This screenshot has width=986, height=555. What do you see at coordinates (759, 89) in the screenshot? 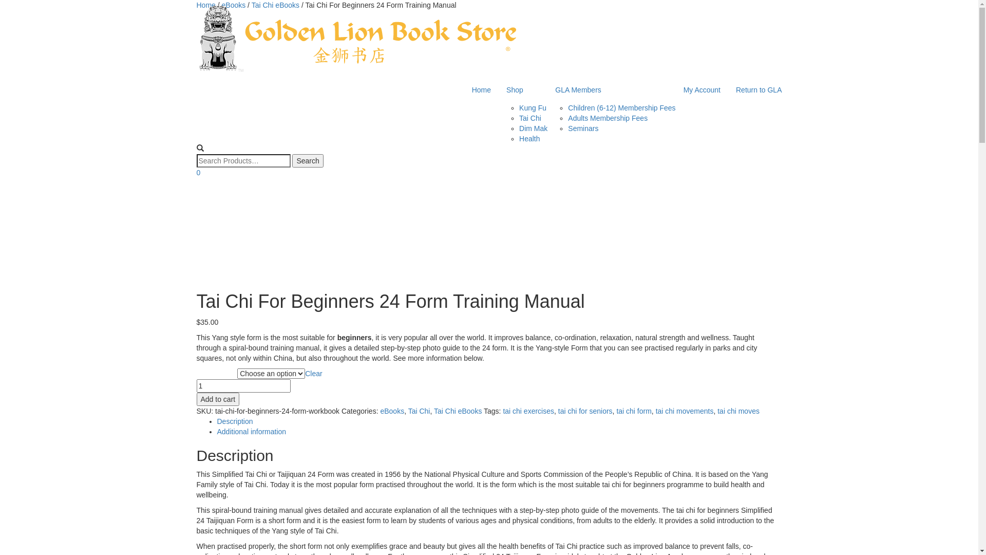
I see `'Return to GLA'` at bounding box center [759, 89].